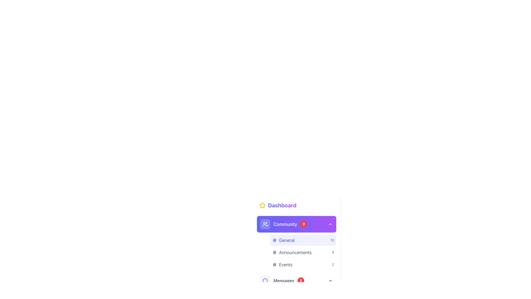  Describe the element at coordinates (300, 281) in the screenshot. I see `the content of the badge located to the right of the 'Messages' text, indicating notification or unread message counts` at that location.